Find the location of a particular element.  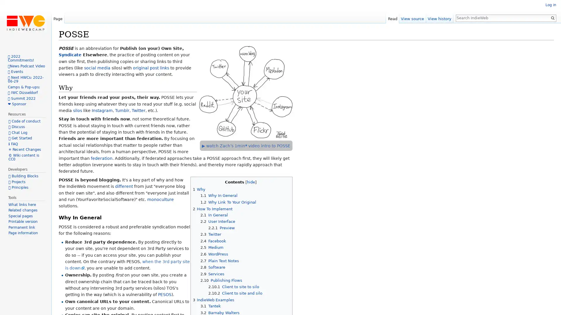

Go is located at coordinates (552, 17).